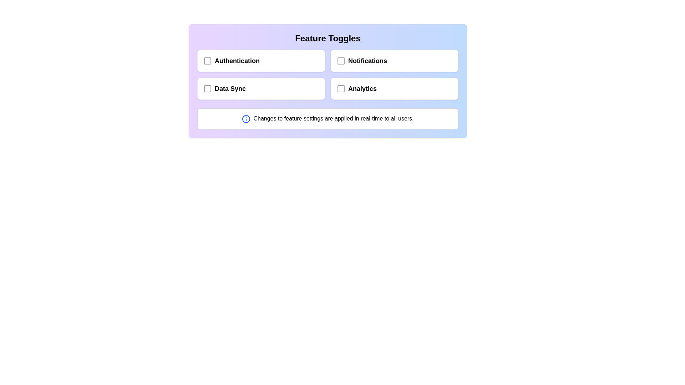 Image resolution: width=685 pixels, height=385 pixels. I want to click on the checkbox for the 'Data Sync' feature toggle located in the second row of the left column, so click(207, 88).